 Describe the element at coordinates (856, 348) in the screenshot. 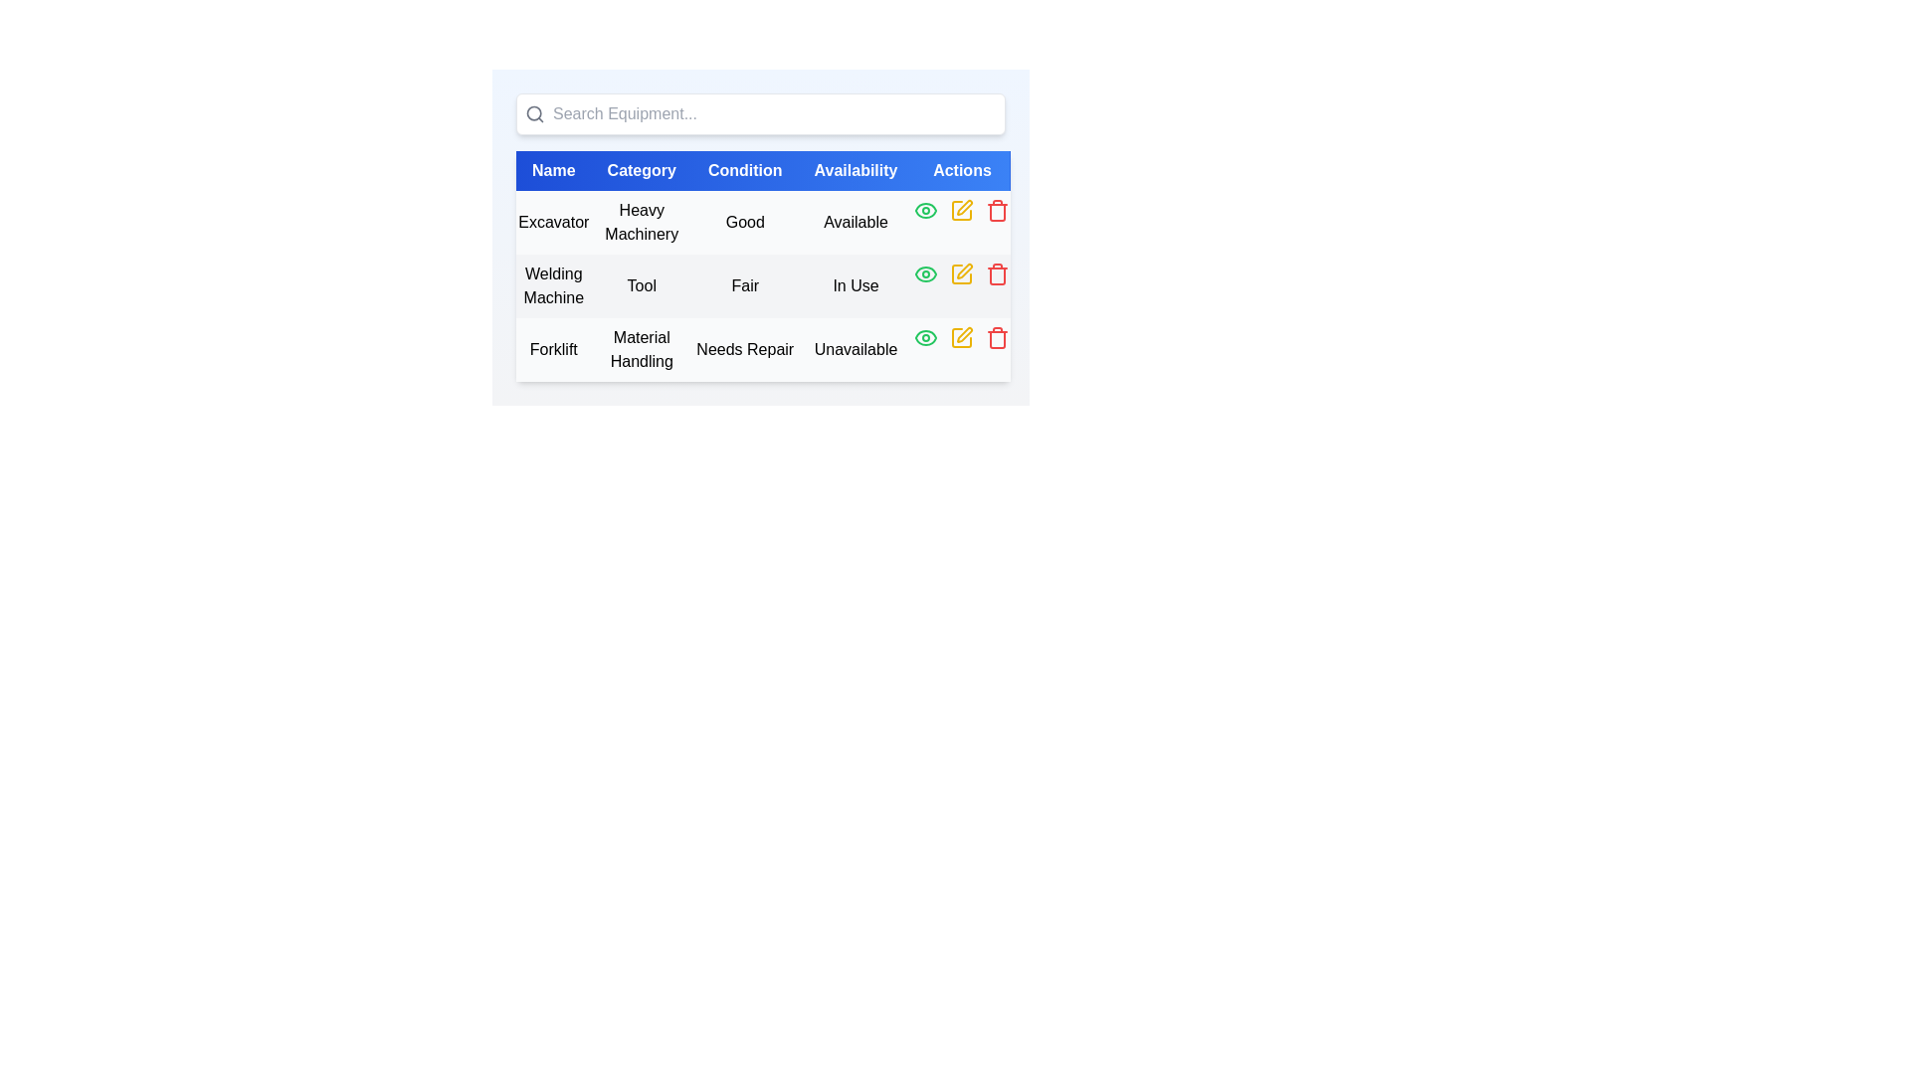

I see `the text label displaying 'Unavailable' in bold, center-aligned style within the 'Availability' column for the 'Forklift' entry` at that location.